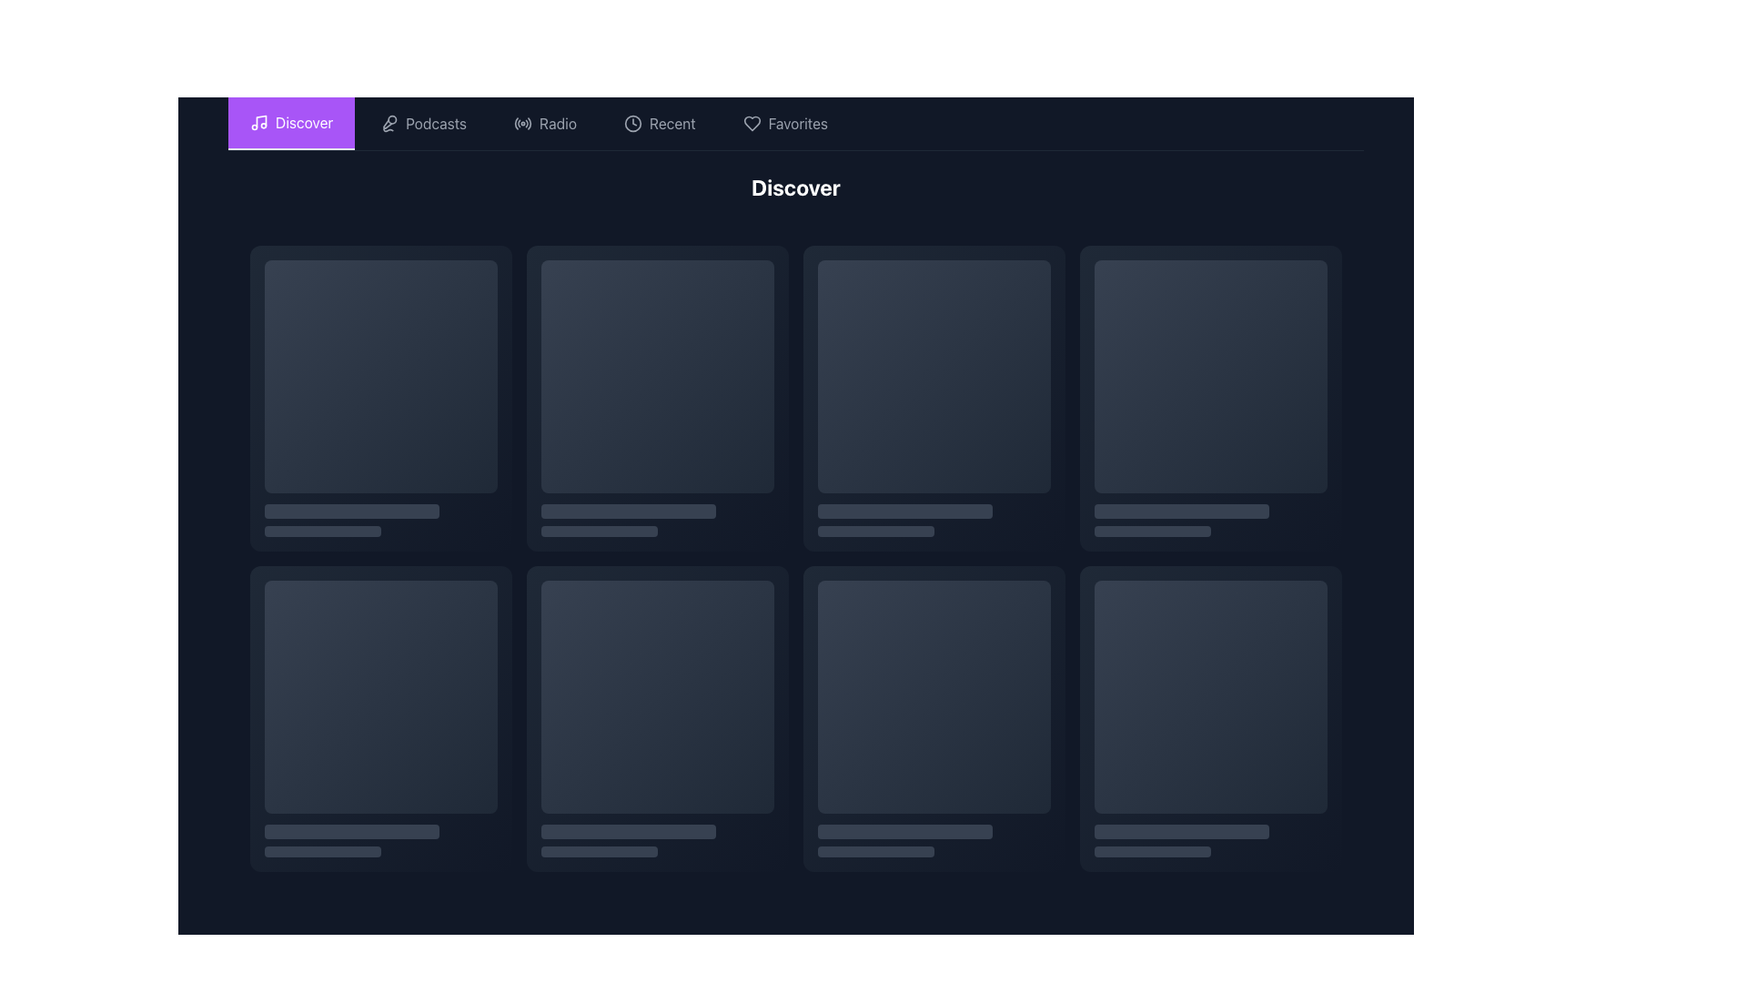 The height and width of the screenshot is (983, 1747). What do you see at coordinates (659, 123) in the screenshot?
I see `the Navigation button for the 'Recent' section, which is the fourth button in the horizontal navigation bar, to activate its hover styling` at bounding box center [659, 123].